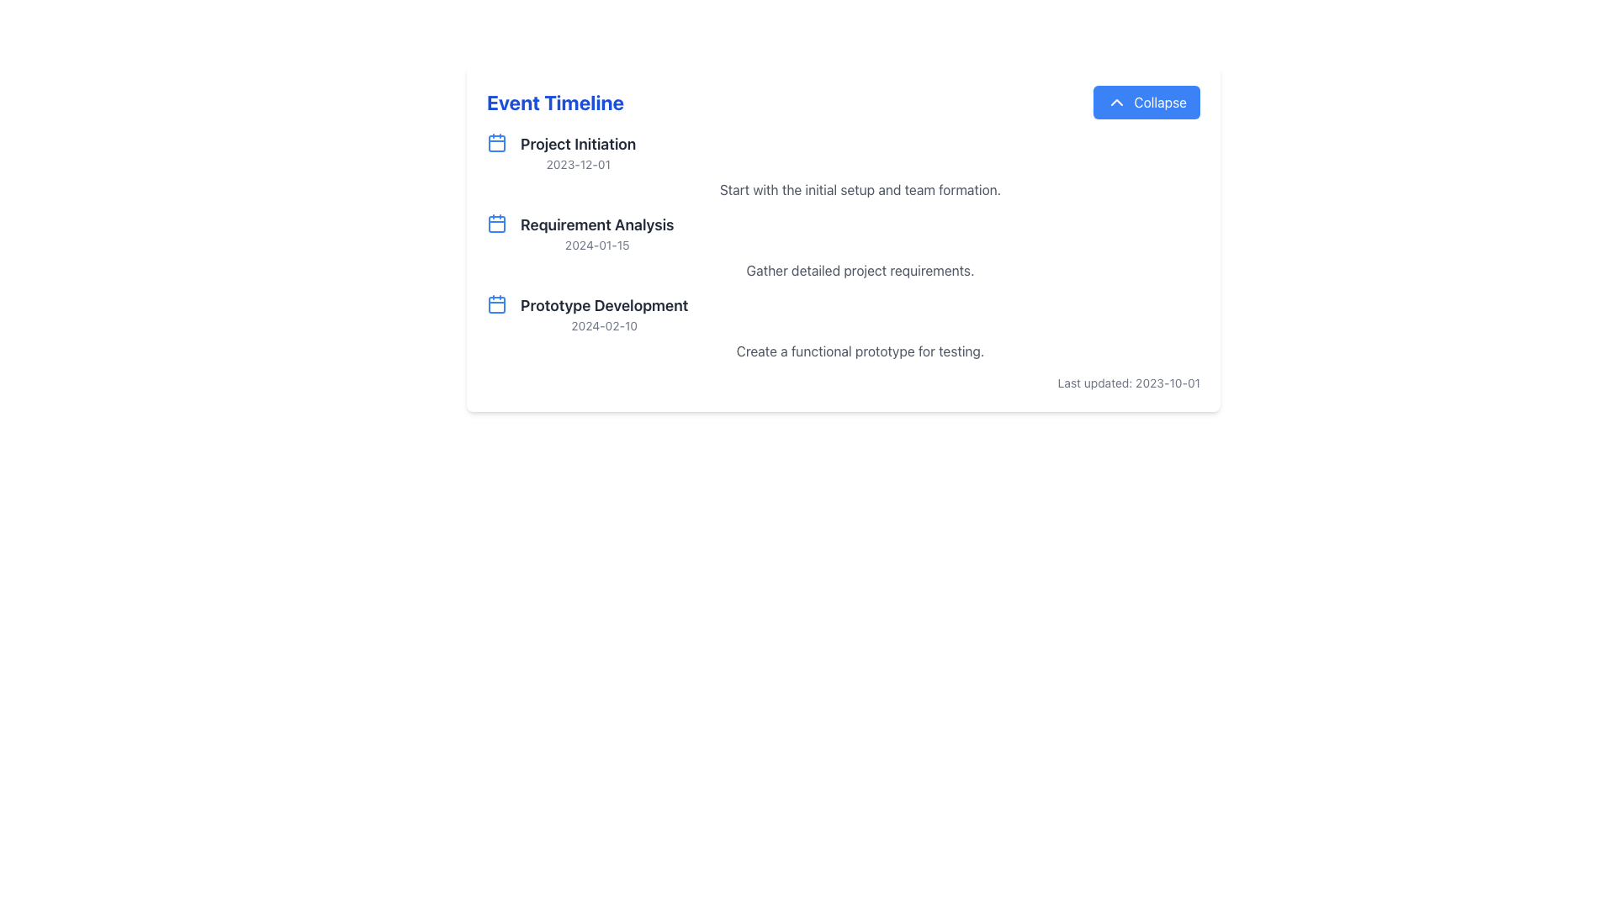  I want to click on the date label indicating the specific associated date for the timeline entry labeled 'Requirement Analysis', which is centered below the heading 'Requirement Analysis', so click(597, 245).